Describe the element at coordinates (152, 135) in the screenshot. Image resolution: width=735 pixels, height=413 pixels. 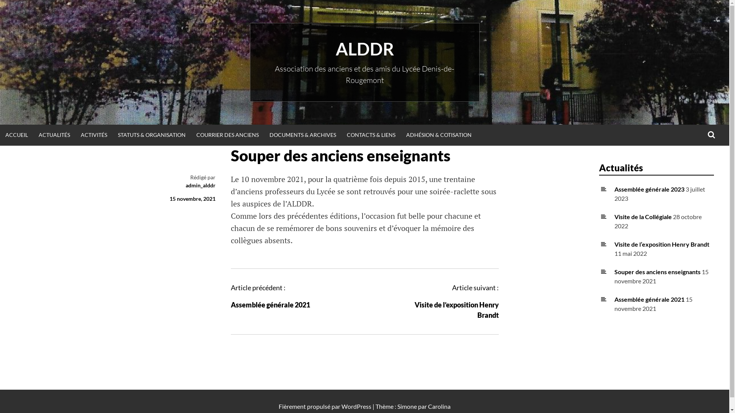
I see `'STATUTS & ORGANISATION'` at that location.